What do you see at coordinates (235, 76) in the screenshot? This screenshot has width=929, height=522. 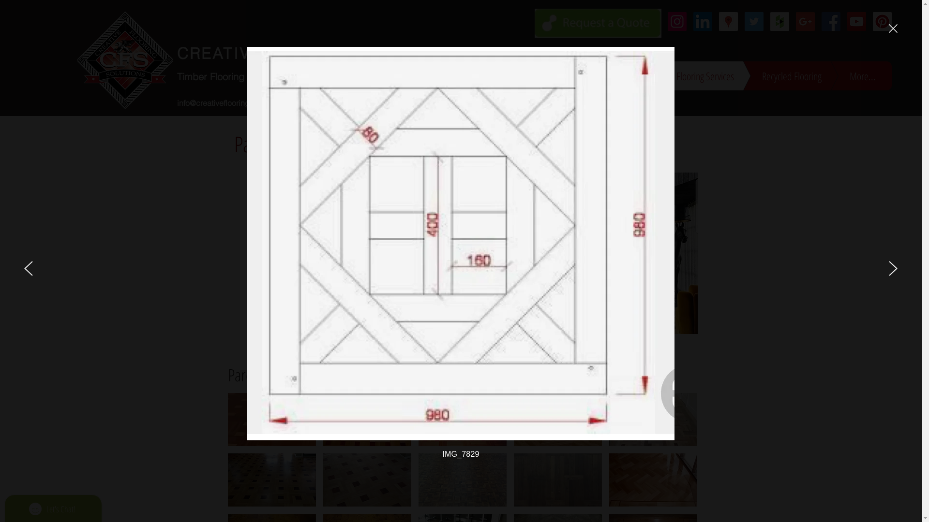 I see `'Timber Flooring Specialists'` at bounding box center [235, 76].